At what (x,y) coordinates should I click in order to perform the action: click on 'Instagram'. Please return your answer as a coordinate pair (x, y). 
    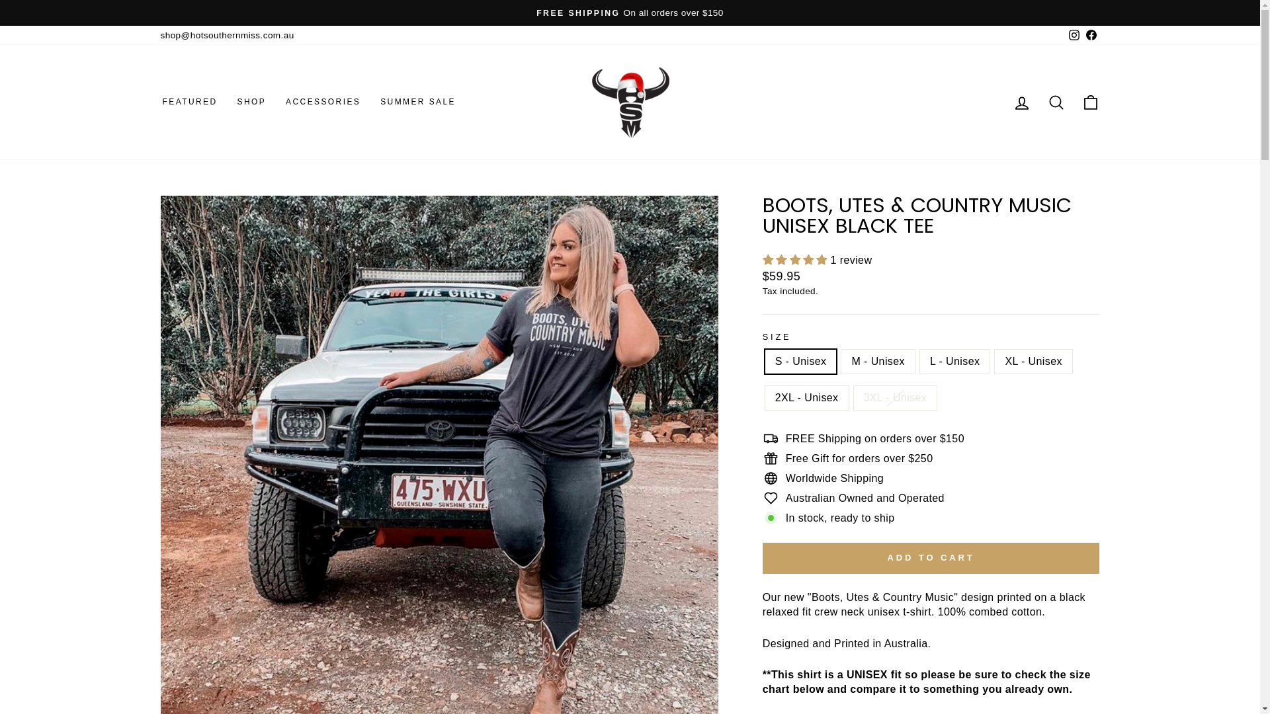
    Looking at the image, I should click on (1073, 34).